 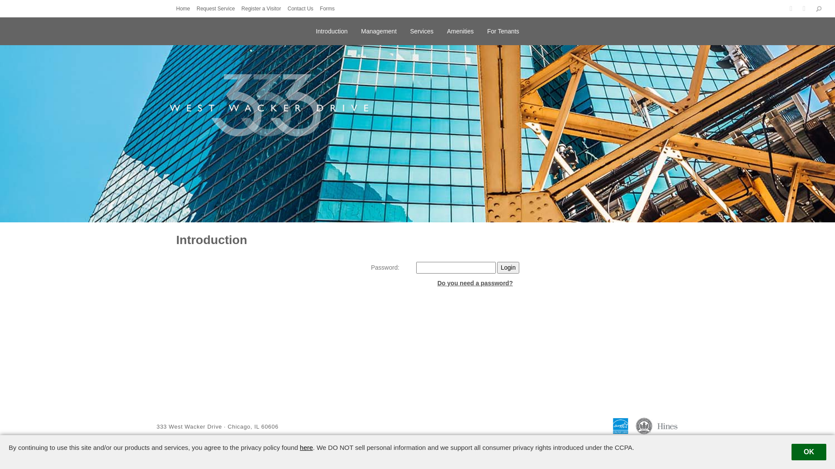 I want to click on 'Forms', so click(x=329, y=8).